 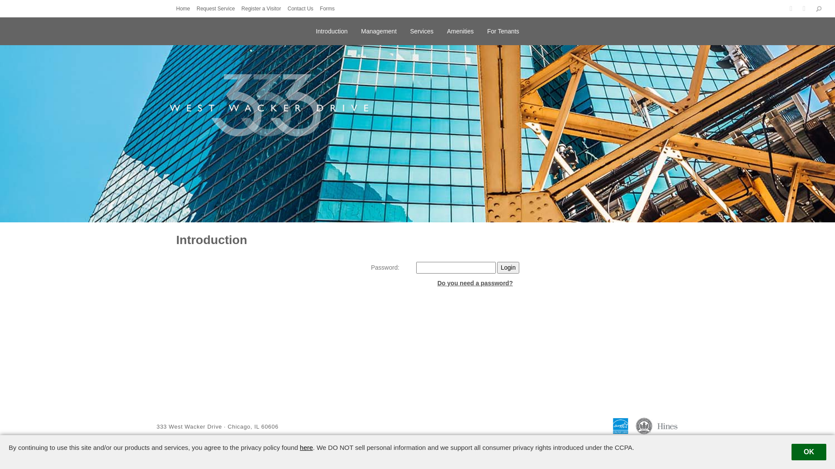 I want to click on 'Forms', so click(x=329, y=8).